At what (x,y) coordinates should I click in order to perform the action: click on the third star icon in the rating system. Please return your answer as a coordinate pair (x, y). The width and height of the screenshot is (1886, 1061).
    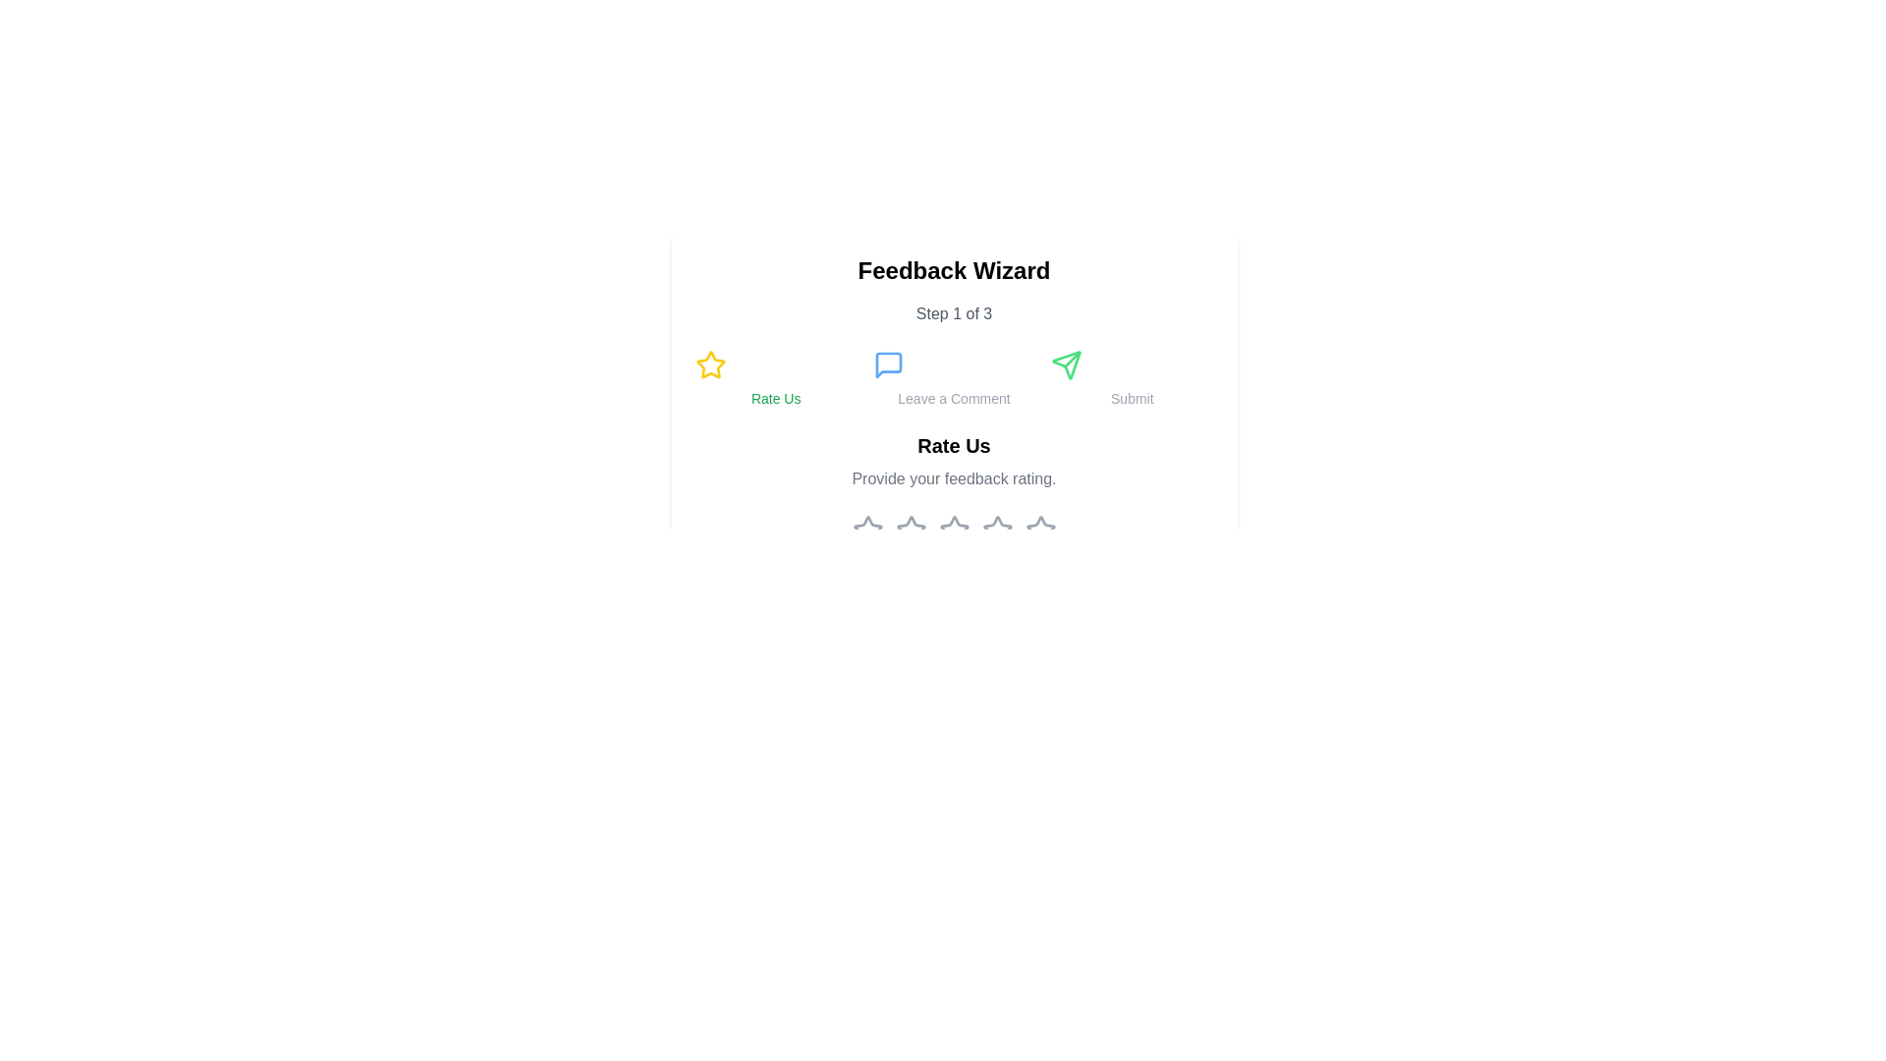
    Looking at the image, I should click on (910, 530).